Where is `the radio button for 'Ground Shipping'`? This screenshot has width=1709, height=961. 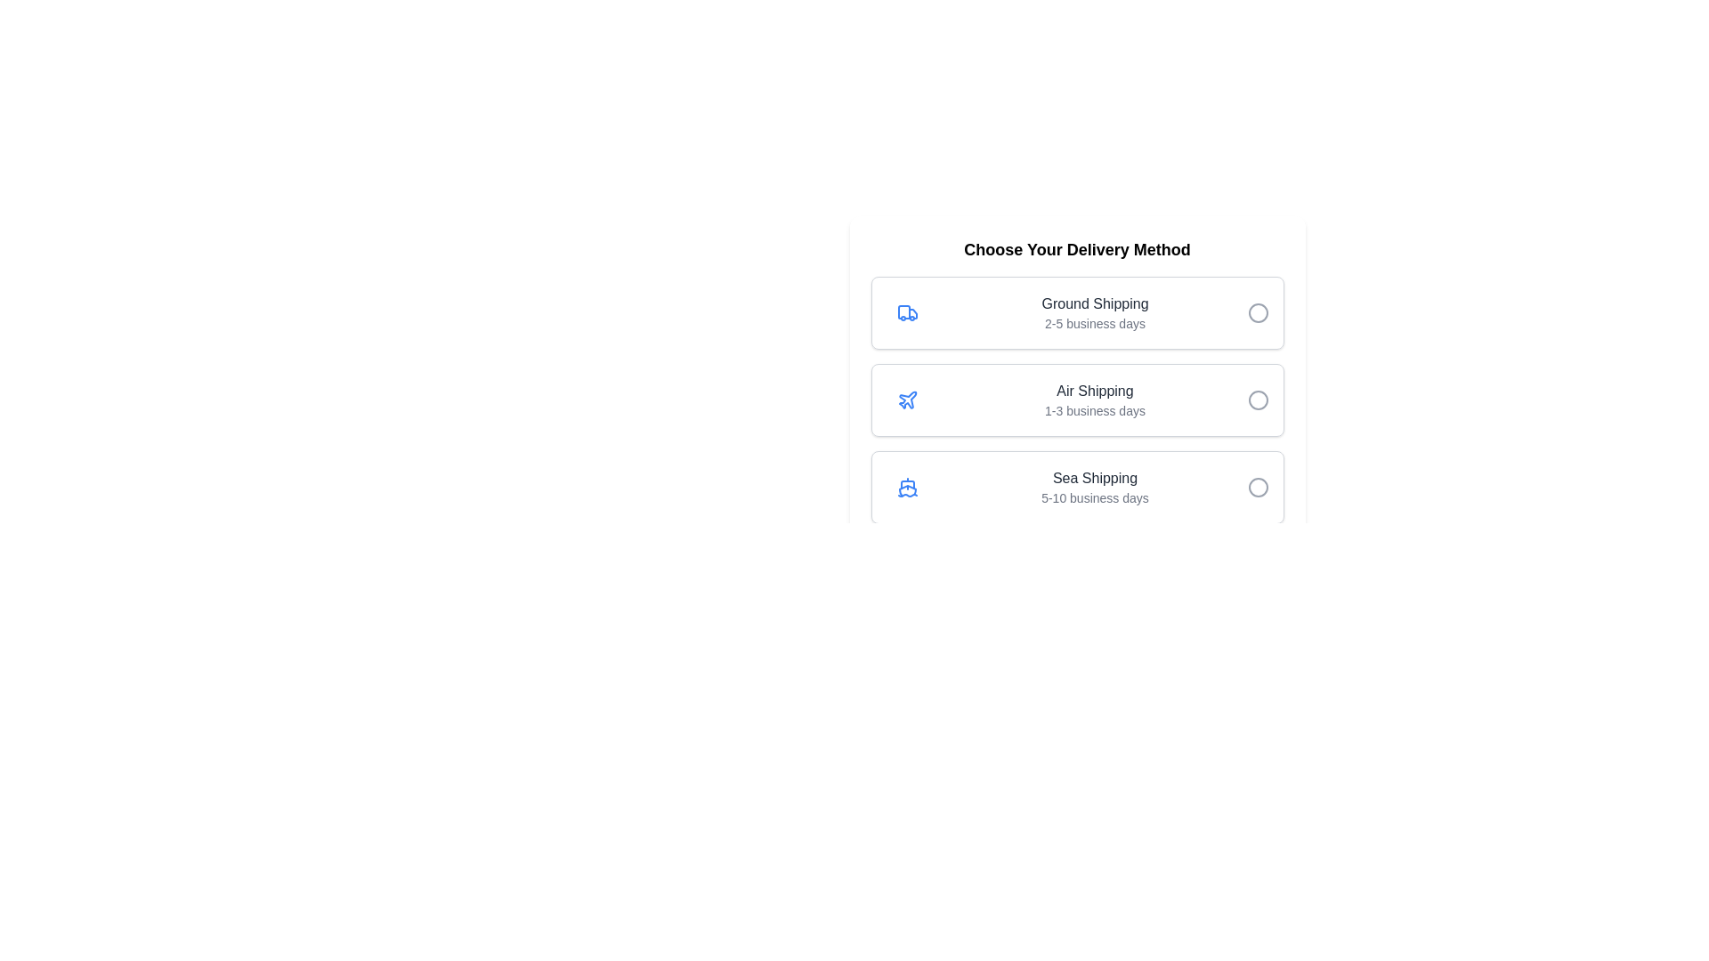
the radio button for 'Ground Shipping' is located at coordinates (1257, 311).